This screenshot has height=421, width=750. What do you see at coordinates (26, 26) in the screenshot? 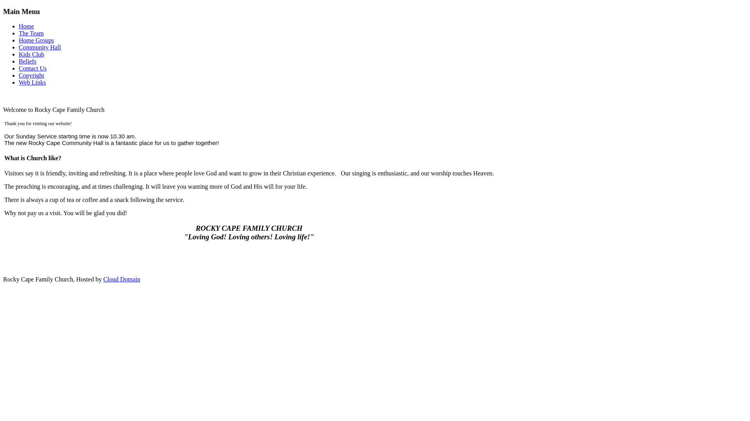
I see `'Home'` at bounding box center [26, 26].